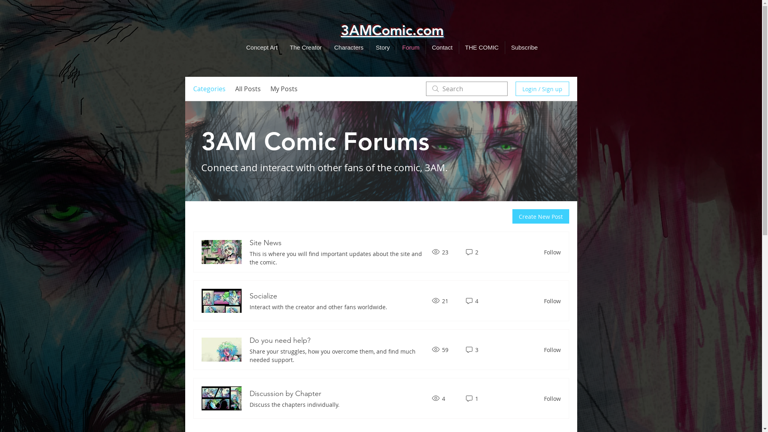 The height and width of the screenshot is (432, 768). Describe the element at coordinates (305, 48) in the screenshot. I see `'The Creator'` at that location.